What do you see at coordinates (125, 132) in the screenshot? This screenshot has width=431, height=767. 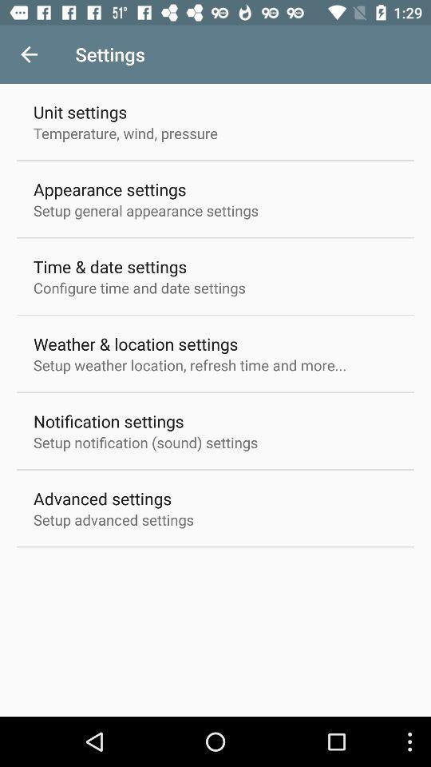 I see `the temperature, wind, pressure item` at bounding box center [125, 132].